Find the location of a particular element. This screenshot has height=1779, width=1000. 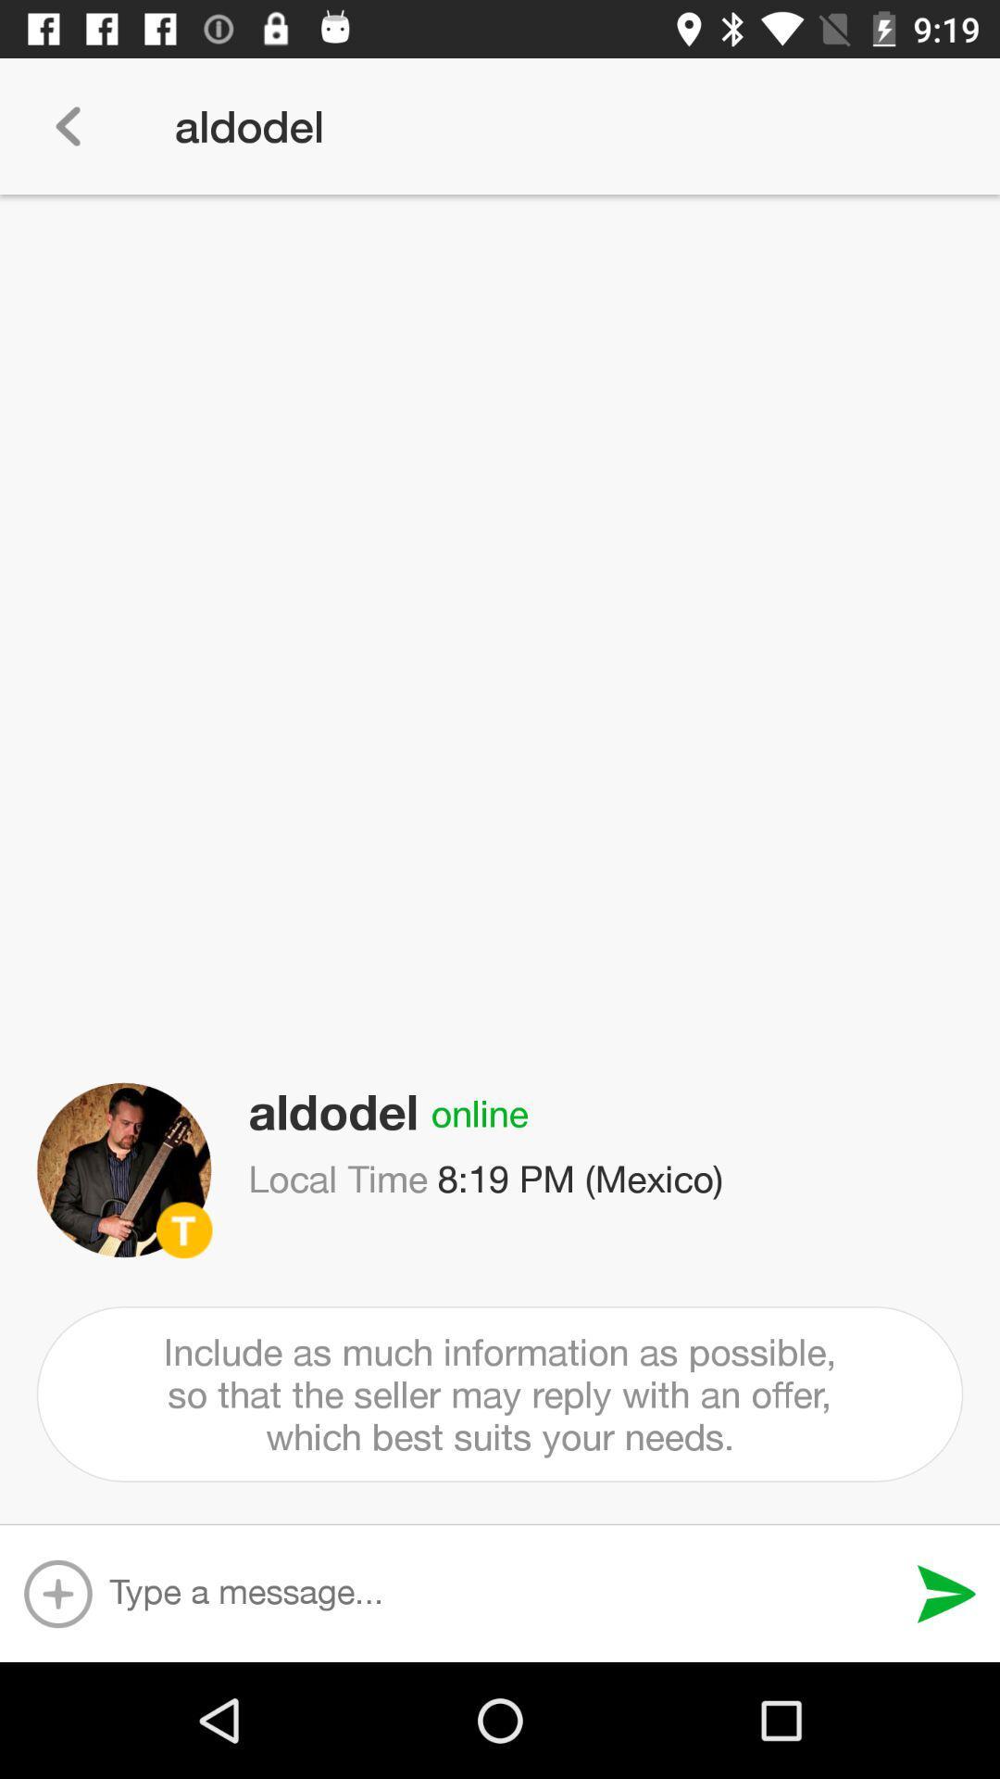

to send message is located at coordinates (946, 1593).